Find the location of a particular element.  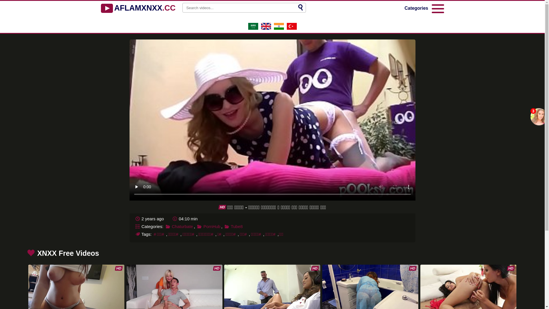

'PornHub' is located at coordinates (208, 226).